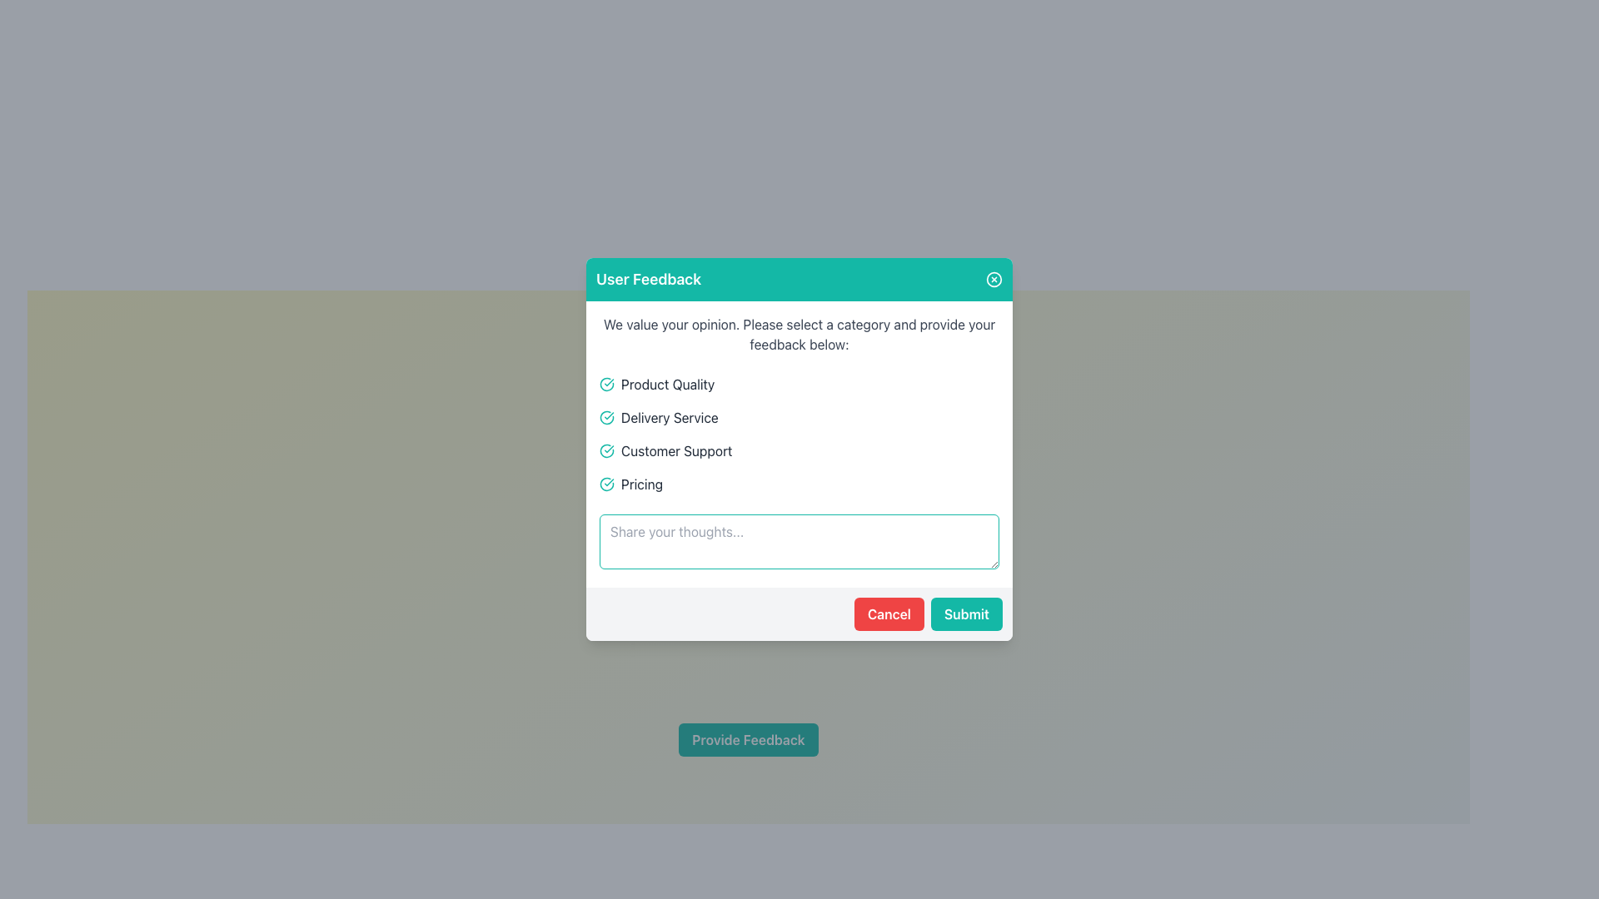 The image size is (1599, 899). I want to click on the 'Customer Support' selectable item in the list, so click(799, 451).